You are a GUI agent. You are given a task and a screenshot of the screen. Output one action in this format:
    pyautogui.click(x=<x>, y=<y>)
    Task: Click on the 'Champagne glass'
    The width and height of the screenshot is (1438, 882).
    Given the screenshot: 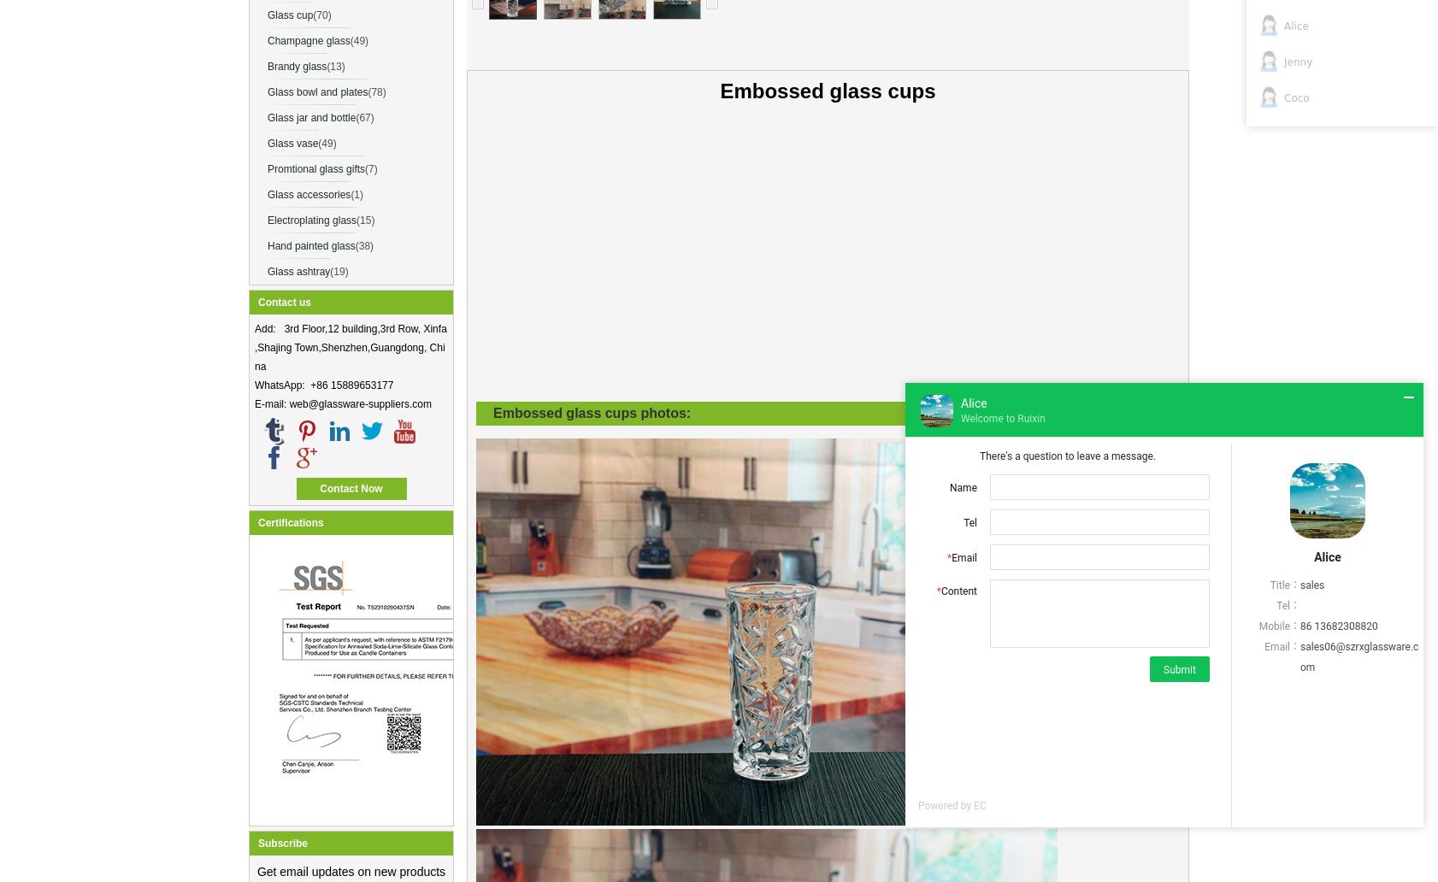 What is the action you would take?
    pyautogui.click(x=307, y=40)
    